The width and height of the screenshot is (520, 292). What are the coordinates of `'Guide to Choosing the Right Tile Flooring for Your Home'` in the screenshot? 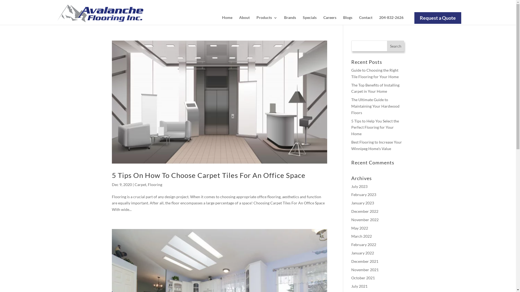 It's located at (375, 73).